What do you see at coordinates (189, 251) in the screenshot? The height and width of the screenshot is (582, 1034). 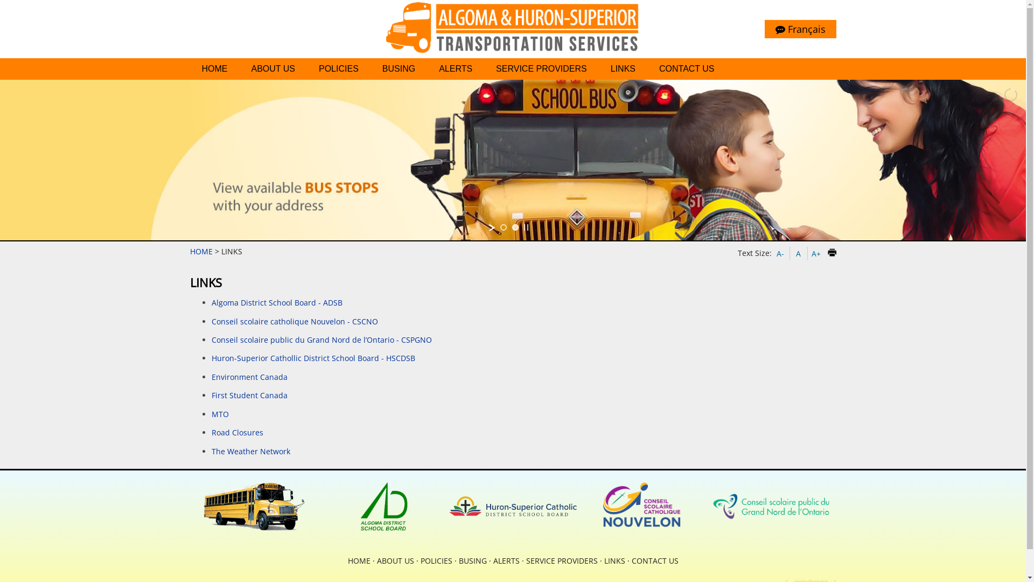 I see `'HOME'` at bounding box center [189, 251].